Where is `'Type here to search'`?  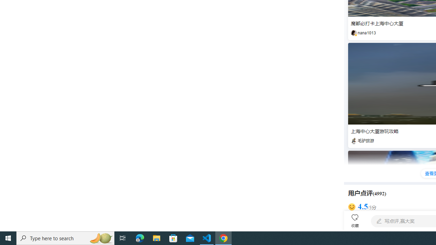 'Type here to search' is located at coordinates (65, 238).